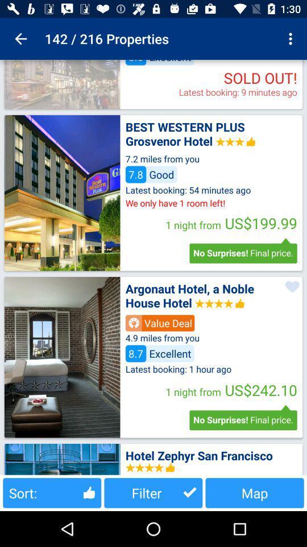 This screenshot has height=547, width=307. I want to click on the icon below the hotel zephyr san, so click(255, 492).